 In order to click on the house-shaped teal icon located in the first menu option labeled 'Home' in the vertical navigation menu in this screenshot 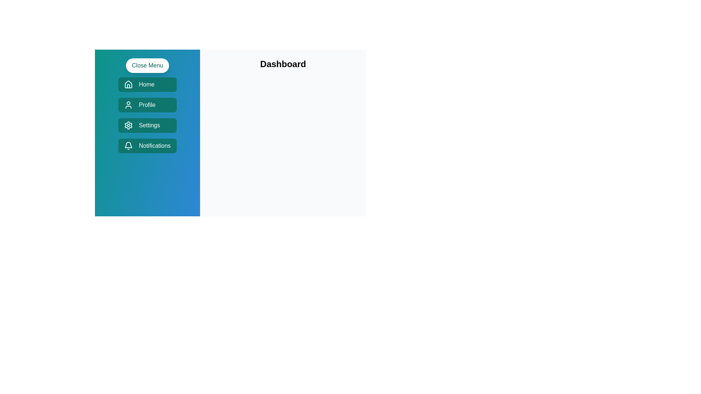, I will do `click(129, 84)`.